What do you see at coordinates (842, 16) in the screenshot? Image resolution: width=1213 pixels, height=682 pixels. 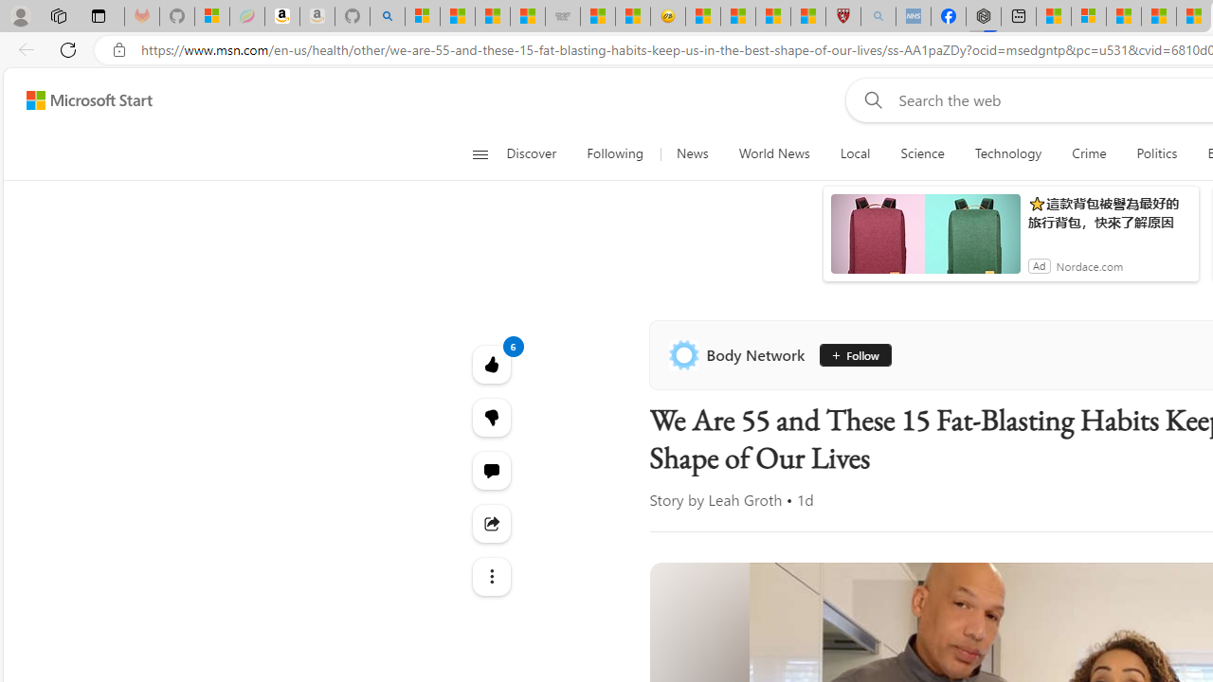 I see `'Robert H. Shmerling, MD - Harvard Health'` at bounding box center [842, 16].